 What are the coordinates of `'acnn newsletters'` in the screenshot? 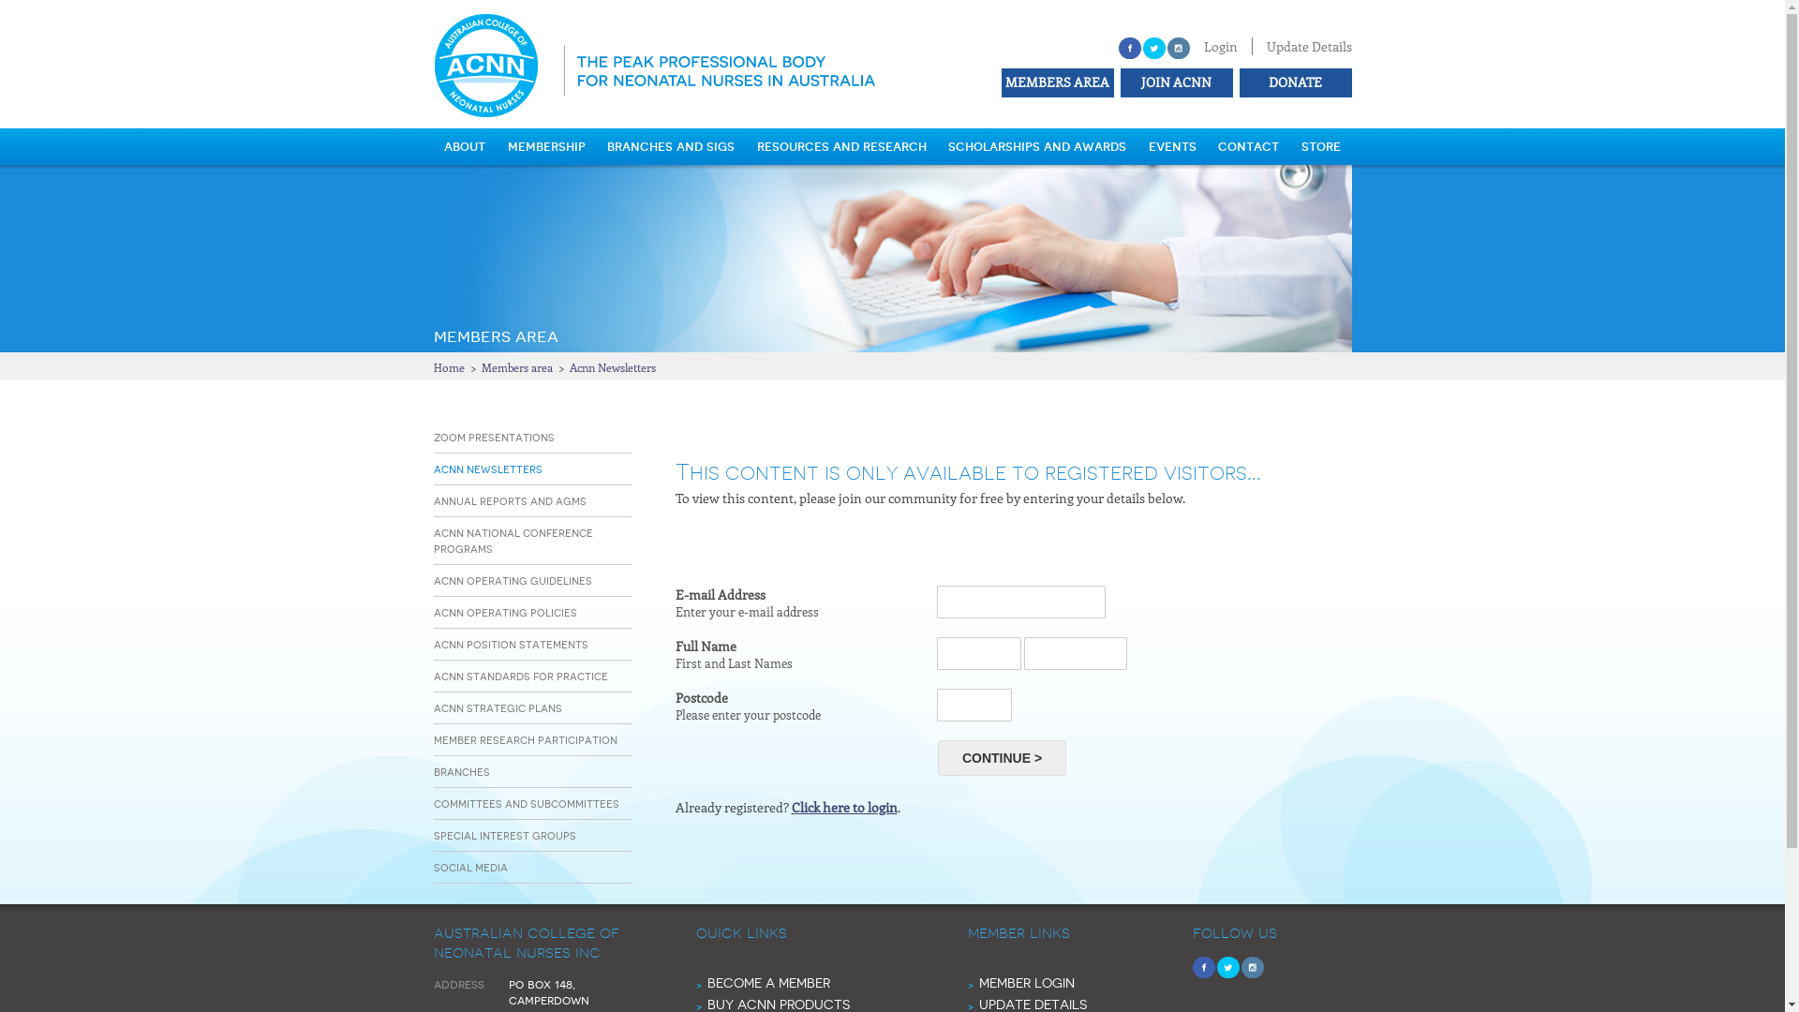 It's located at (486, 468).